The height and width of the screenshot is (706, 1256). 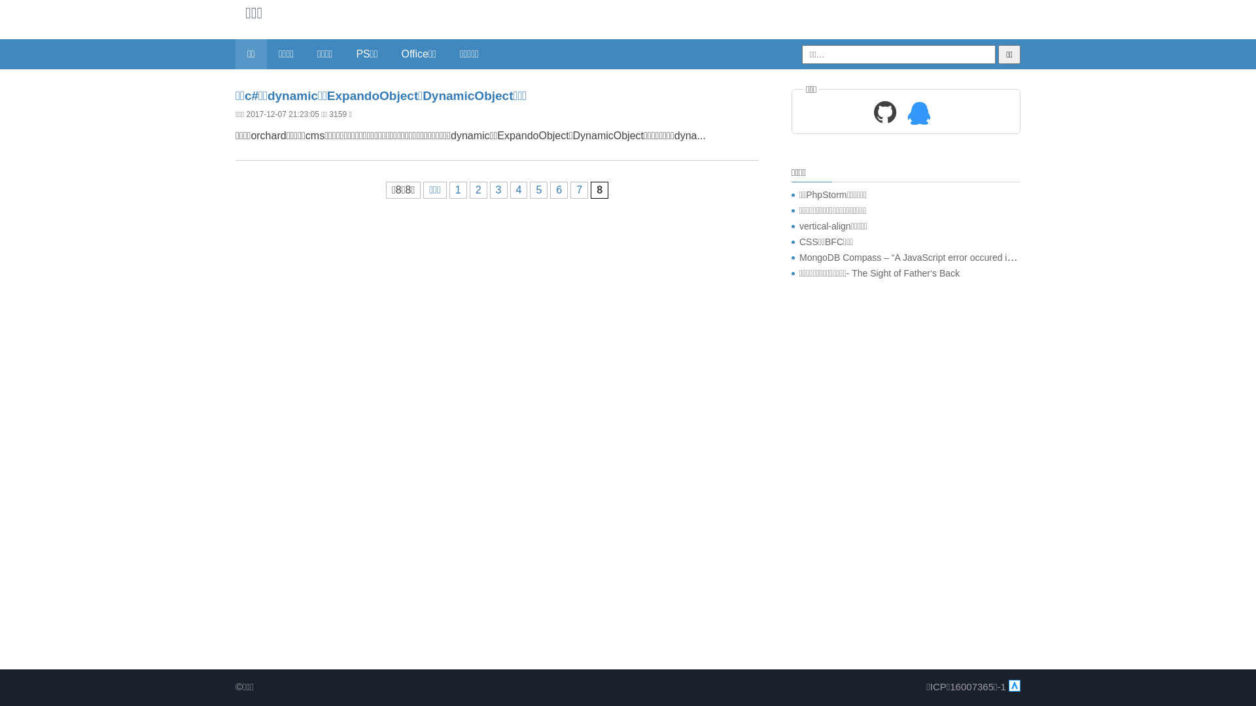 I want to click on '7', so click(x=578, y=190).